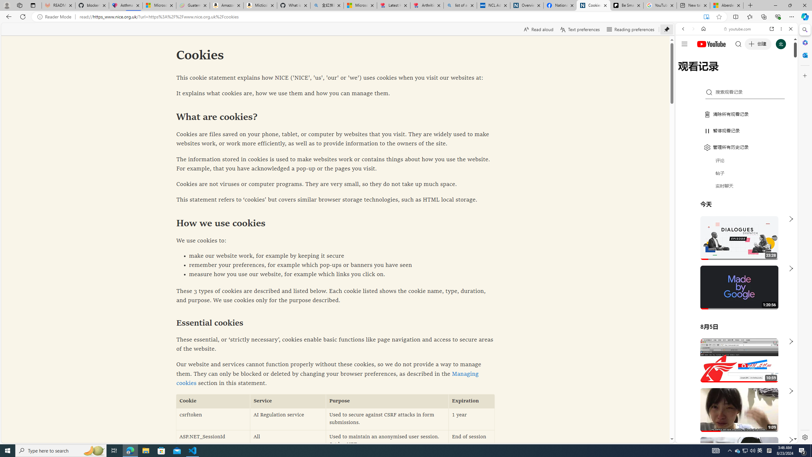 The height and width of the screenshot is (457, 812). What do you see at coordinates (737, 29) in the screenshot?
I see `'youtube.com'` at bounding box center [737, 29].